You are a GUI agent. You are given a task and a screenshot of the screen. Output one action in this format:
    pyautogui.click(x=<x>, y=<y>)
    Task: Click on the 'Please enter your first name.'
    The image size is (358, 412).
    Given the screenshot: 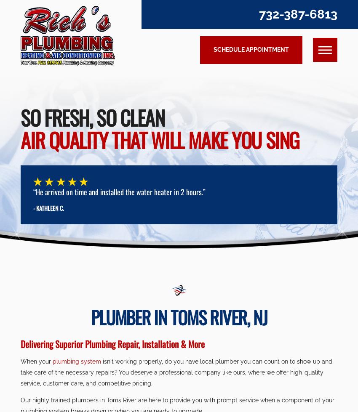 What is the action you would take?
    pyautogui.click(x=140, y=80)
    